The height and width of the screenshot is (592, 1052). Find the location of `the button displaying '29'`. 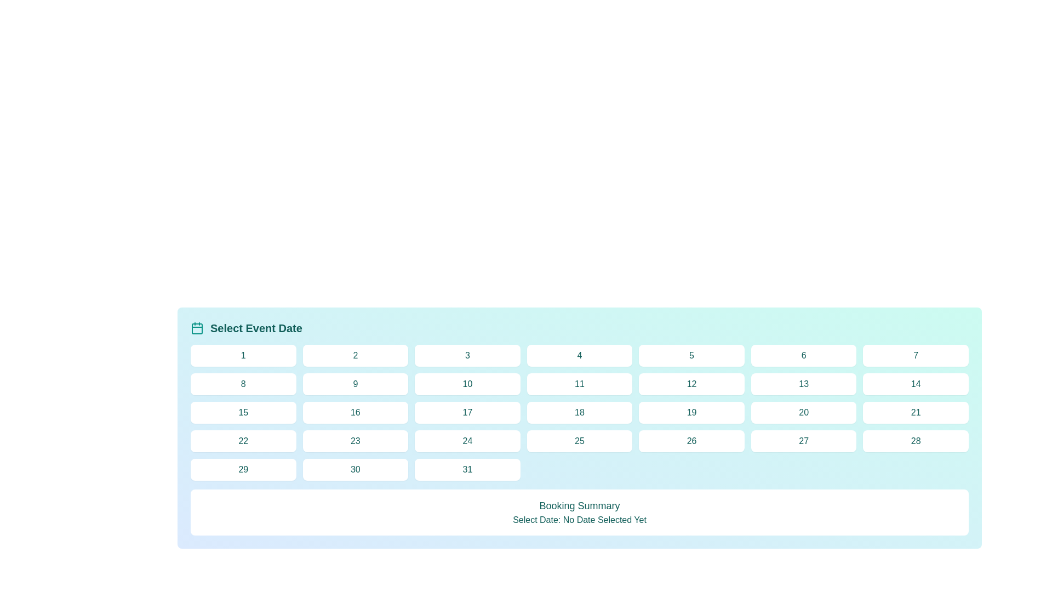

the button displaying '29' is located at coordinates (243, 469).